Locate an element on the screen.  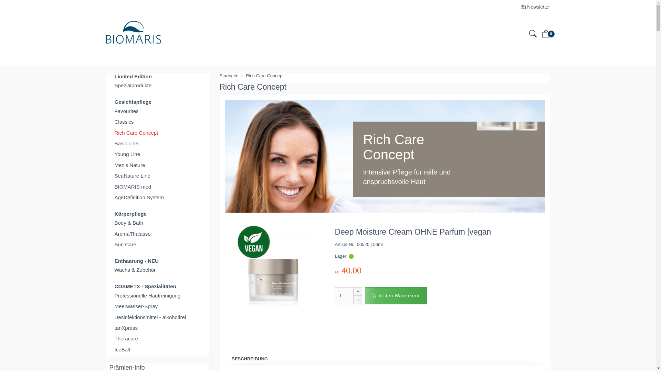
'Young Line' is located at coordinates (157, 154).